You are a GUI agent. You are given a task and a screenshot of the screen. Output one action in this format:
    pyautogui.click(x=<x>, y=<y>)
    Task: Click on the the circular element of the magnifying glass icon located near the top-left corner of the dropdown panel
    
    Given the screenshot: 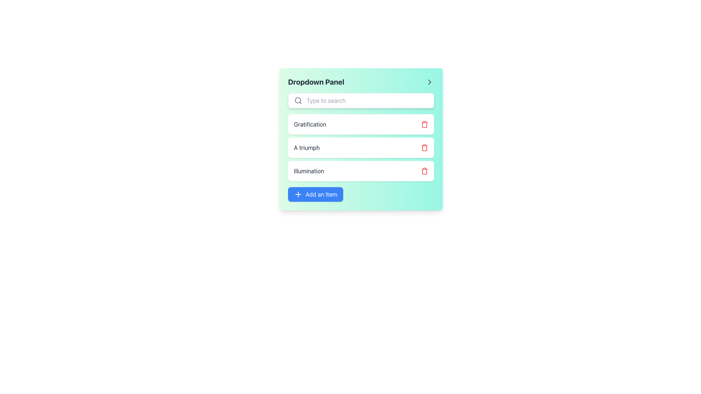 What is the action you would take?
    pyautogui.click(x=298, y=100)
    